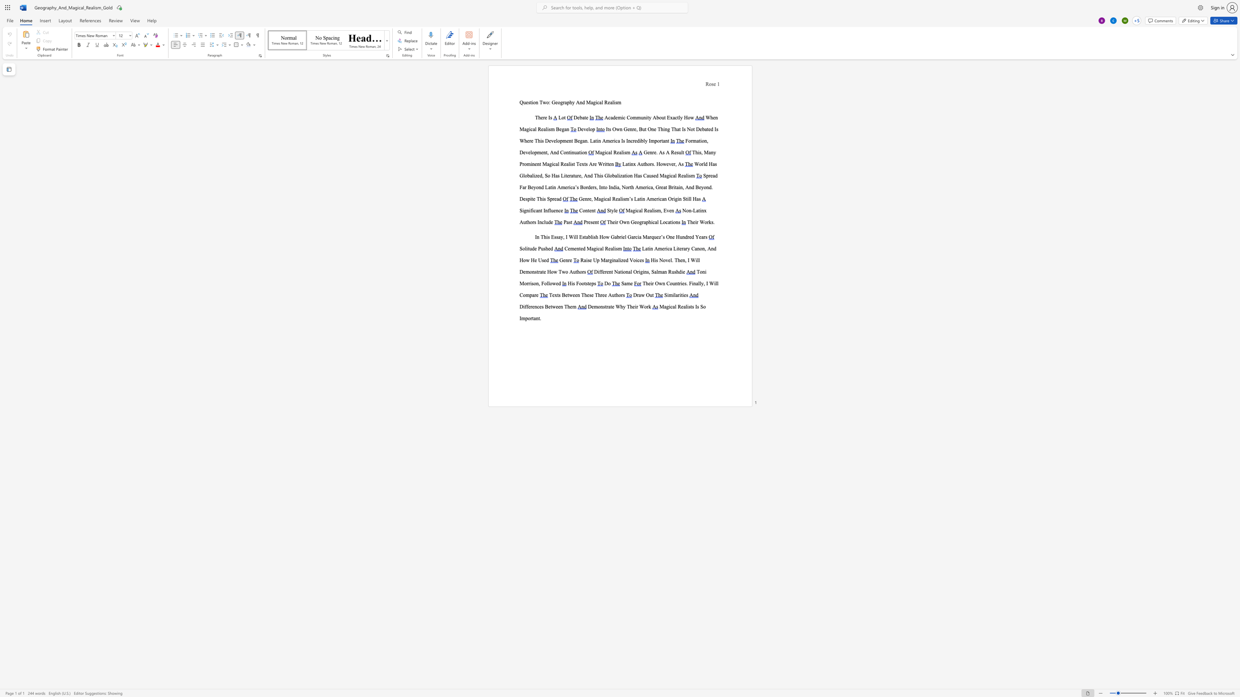 This screenshot has width=1240, height=697. Describe the element at coordinates (538, 237) in the screenshot. I see `the 1th character "n" in the text` at that location.